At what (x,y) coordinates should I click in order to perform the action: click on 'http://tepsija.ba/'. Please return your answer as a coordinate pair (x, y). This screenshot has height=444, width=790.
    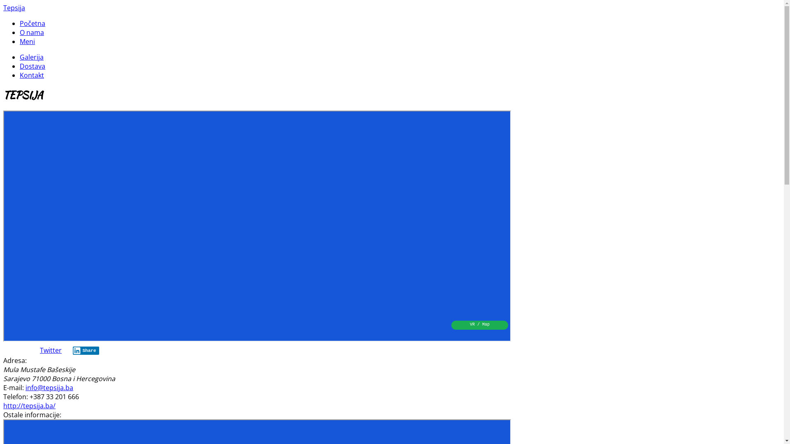
    Looking at the image, I should click on (3, 405).